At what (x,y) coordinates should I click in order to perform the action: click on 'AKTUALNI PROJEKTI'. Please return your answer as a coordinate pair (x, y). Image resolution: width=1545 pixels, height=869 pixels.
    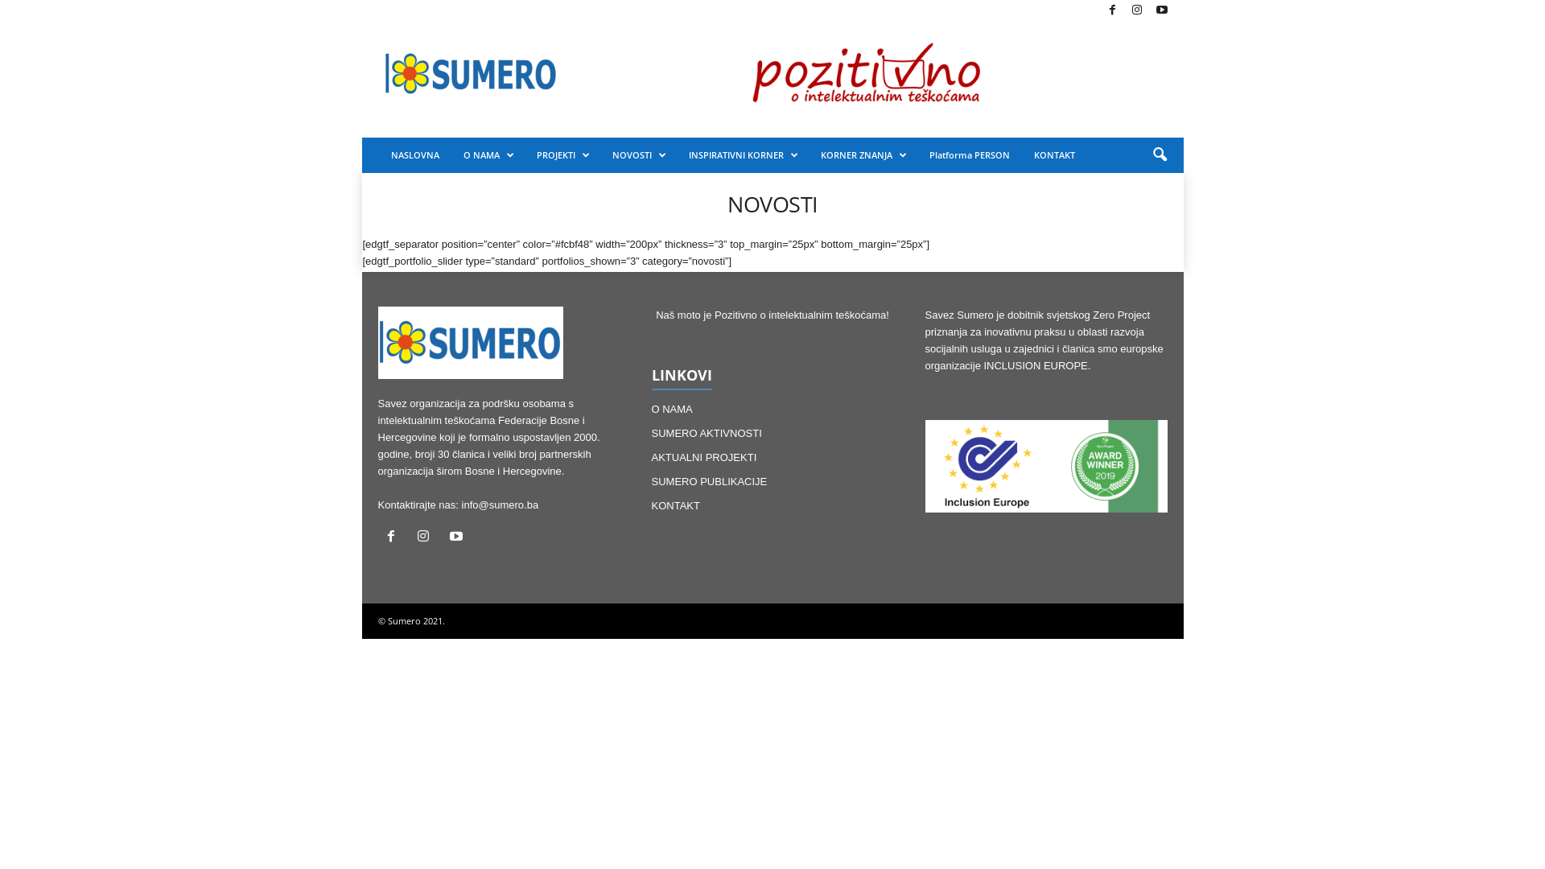
    Looking at the image, I should click on (704, 457).